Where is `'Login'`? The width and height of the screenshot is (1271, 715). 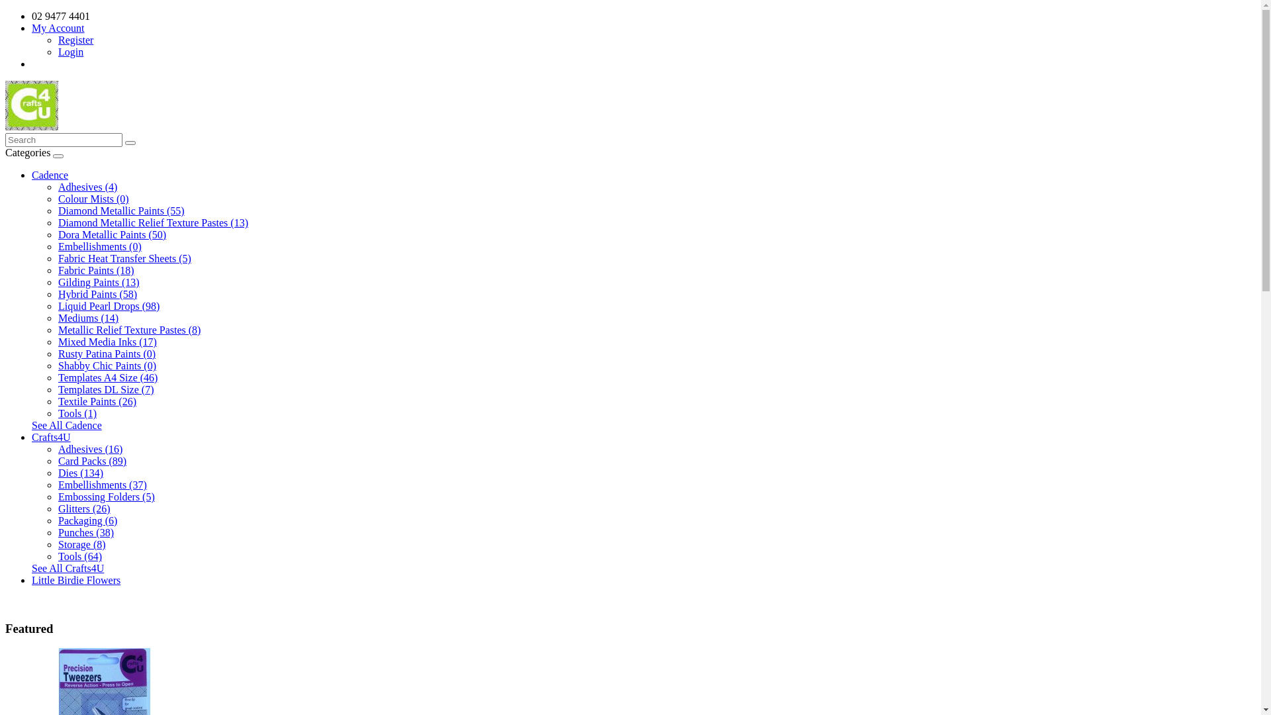 'Login' is located at coordinates (70, 51).